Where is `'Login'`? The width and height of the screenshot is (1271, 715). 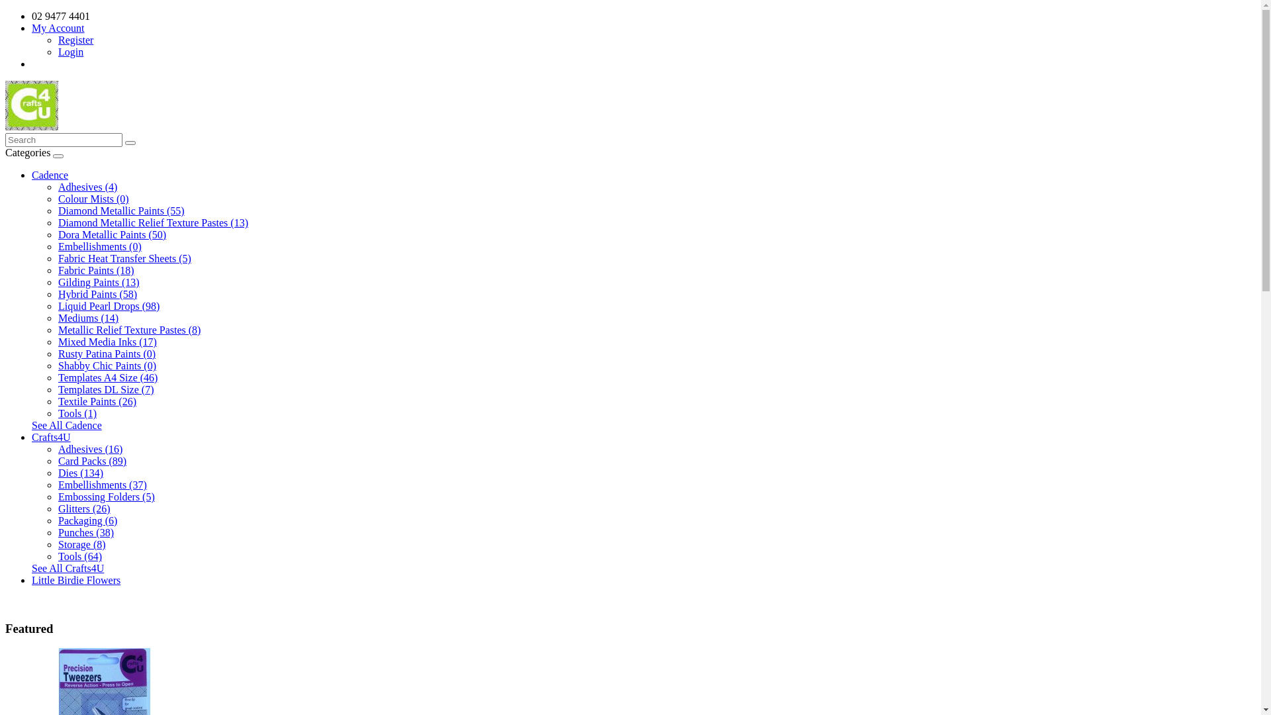 'Login' is located at coordinates (70, 51).